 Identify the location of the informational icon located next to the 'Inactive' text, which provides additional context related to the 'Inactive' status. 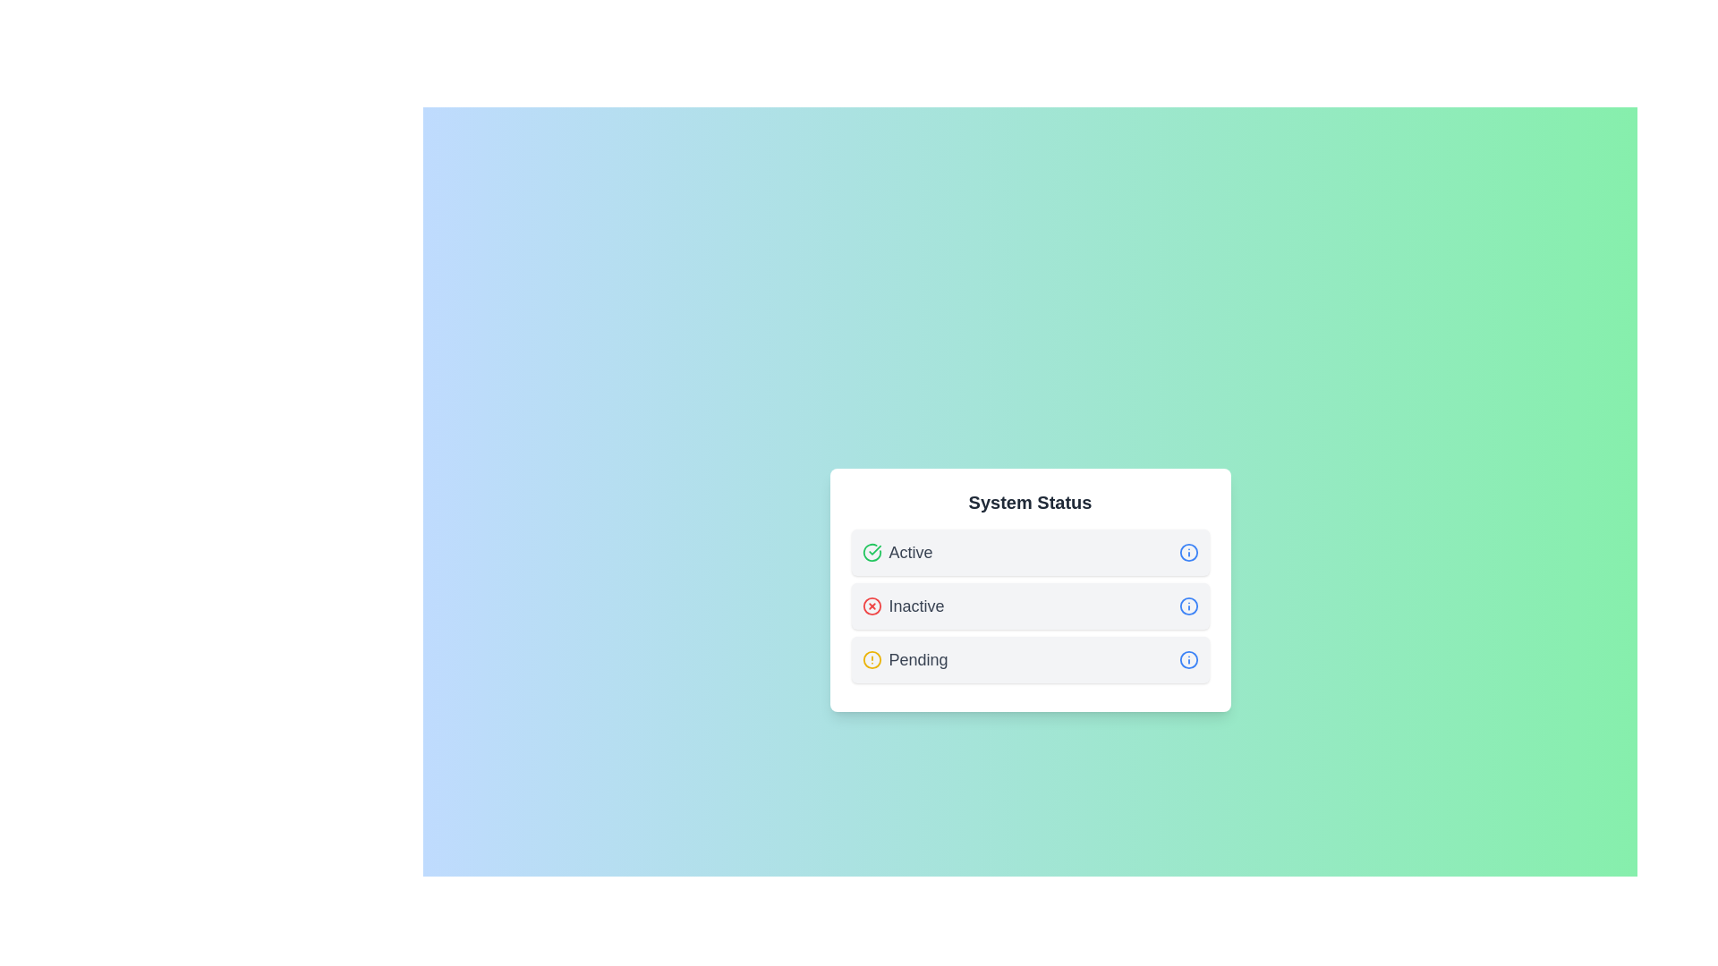
(1188, 606).